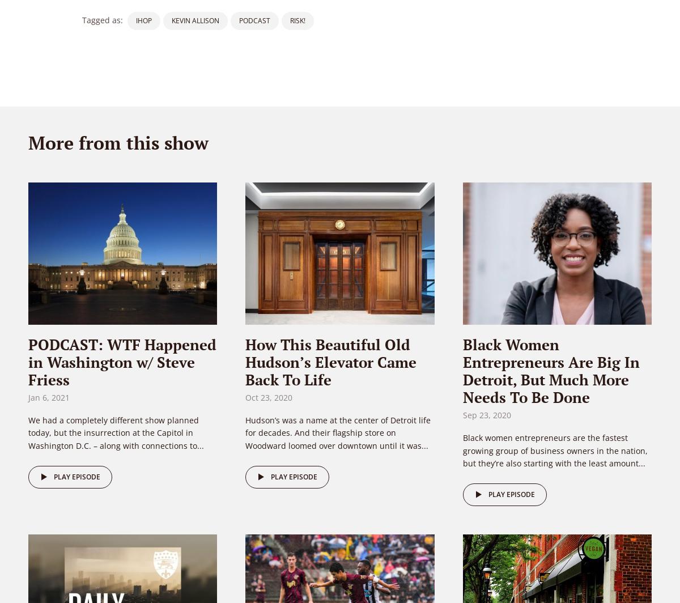 The width and height of the screenshot is (680, 603). What do you see at coordinates (554, 450) in the screenshot?
I see `'Black women entrepreneurs are the fastest growing group of business owners in the nation, but they’re also starting with the least amount...'` at bounding box center [554, 450].